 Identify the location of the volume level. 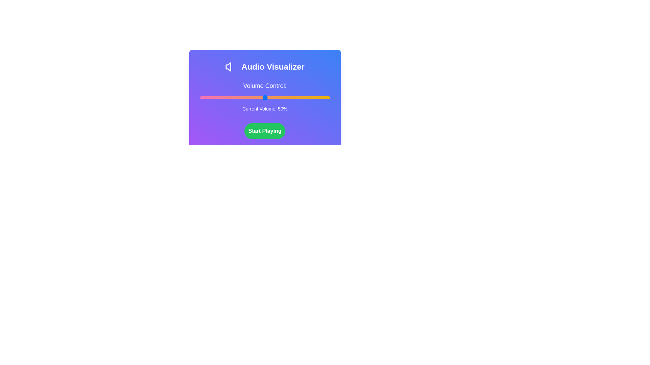
(215, 98).